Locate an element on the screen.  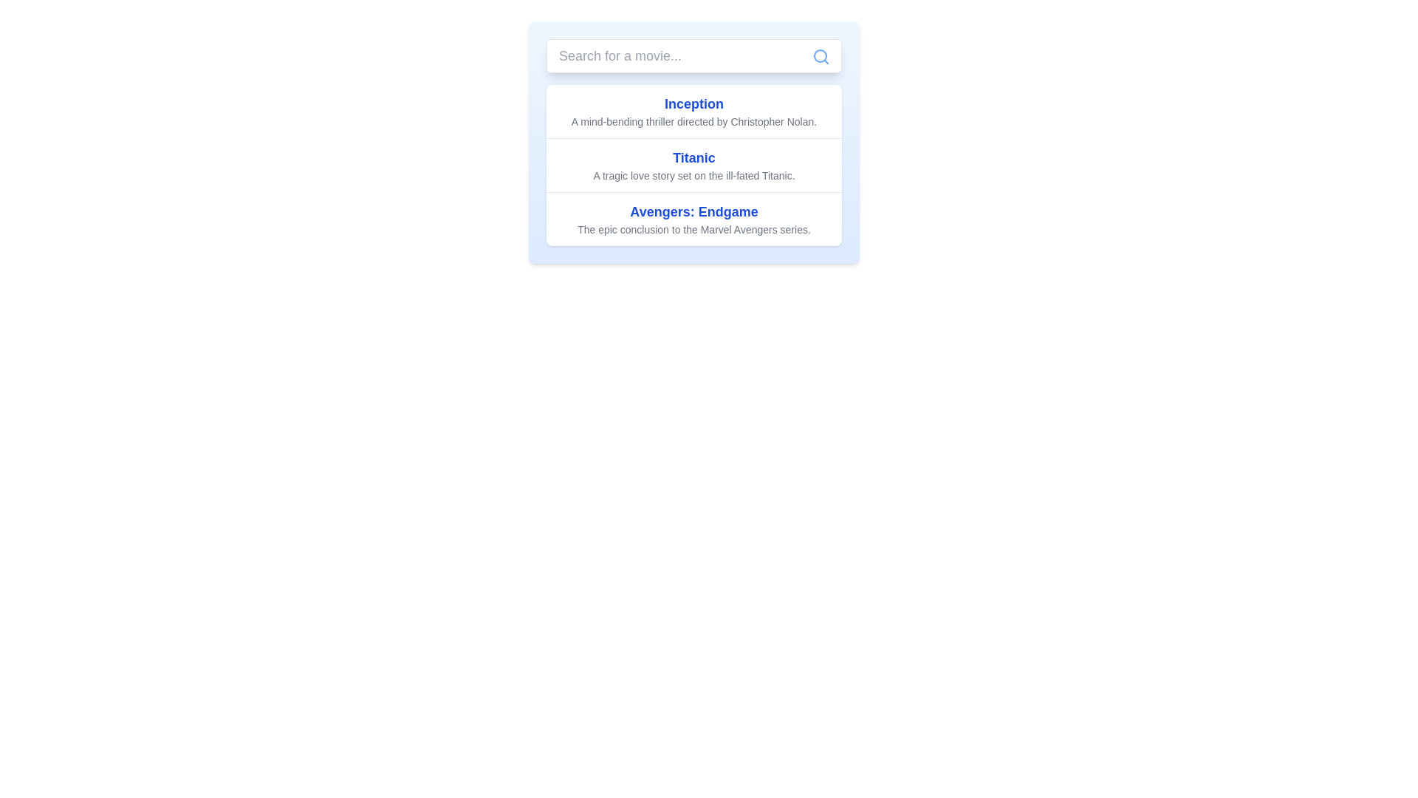
the blue magnifying glass icon located at the top-right corner of the search input field is located at coordinates (821, 56).